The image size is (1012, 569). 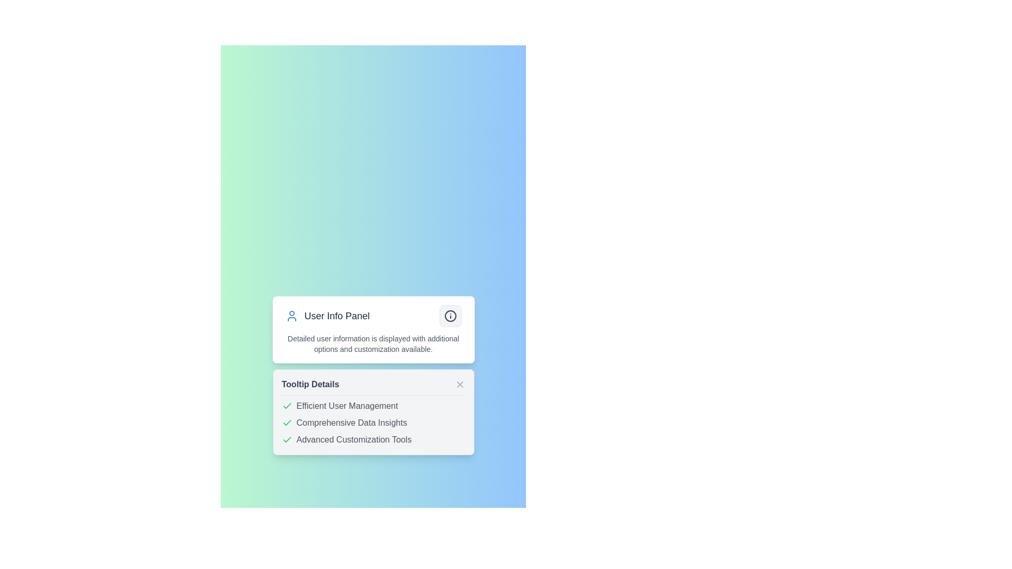 What do you see at coordinates (291, 316) in the screenshot?
I see `the user icon located in the 'User Info Panel' at the far left of the header, next to the descriptive text content` at bounding box center [291, 316].